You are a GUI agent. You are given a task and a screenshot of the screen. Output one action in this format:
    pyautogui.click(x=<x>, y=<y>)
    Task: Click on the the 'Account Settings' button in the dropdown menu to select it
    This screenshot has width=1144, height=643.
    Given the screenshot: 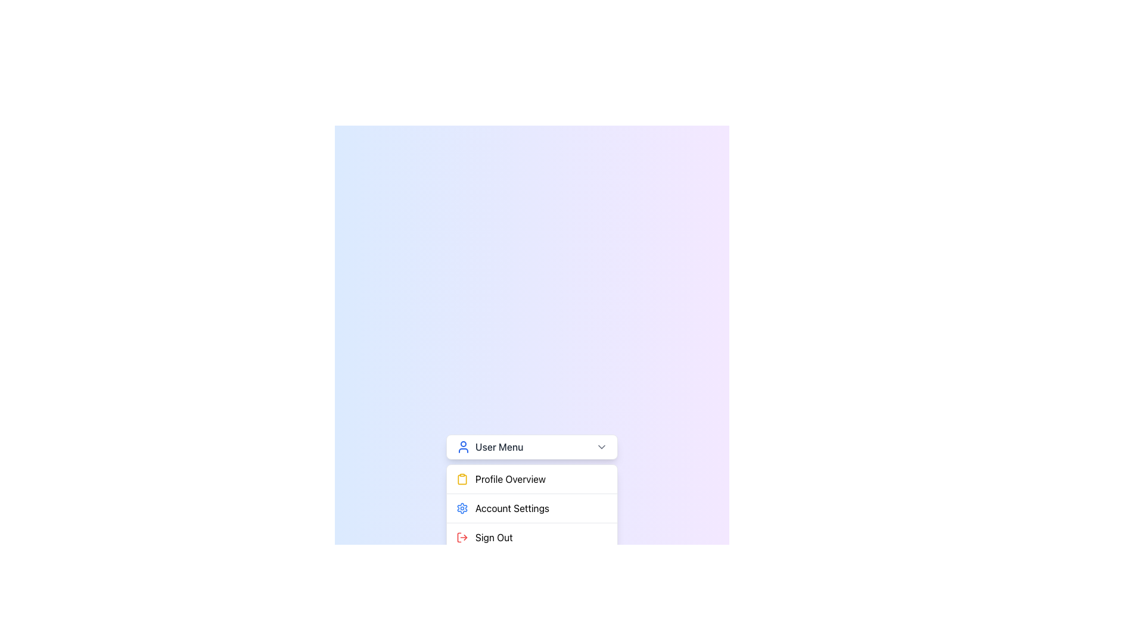 What is the action you would take?
    pyautogui.click(x=531, y=508)
    